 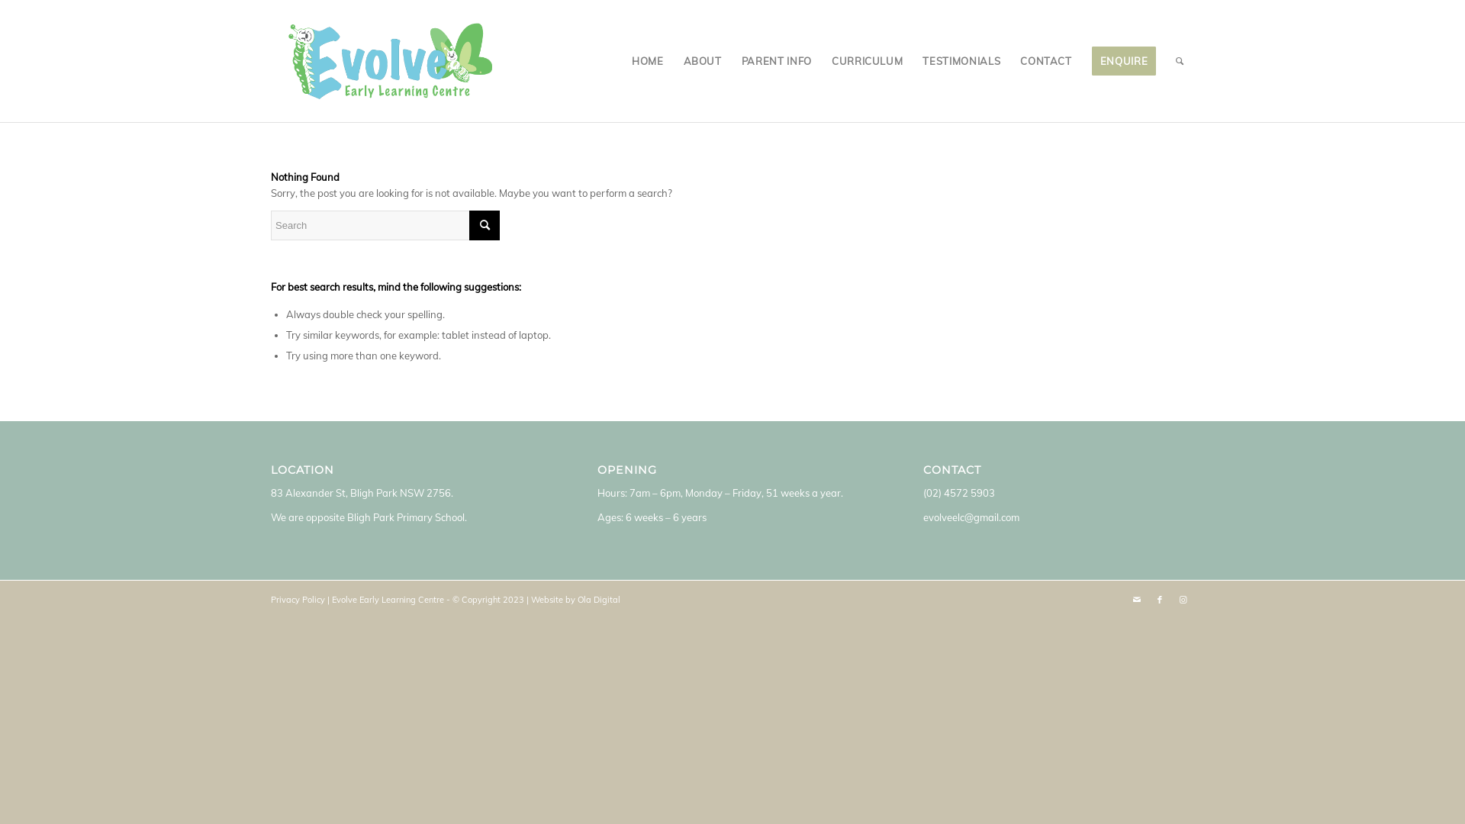 I want to click on 'ABOUT', so click(x=701, y=60).